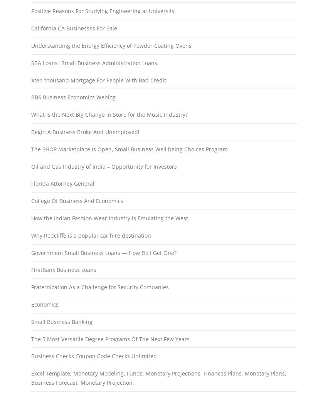 This screenshot has width=328, height=394. I want to click on 'Business Checks Coupon Code Checks Unlimited', so click(93, 355).